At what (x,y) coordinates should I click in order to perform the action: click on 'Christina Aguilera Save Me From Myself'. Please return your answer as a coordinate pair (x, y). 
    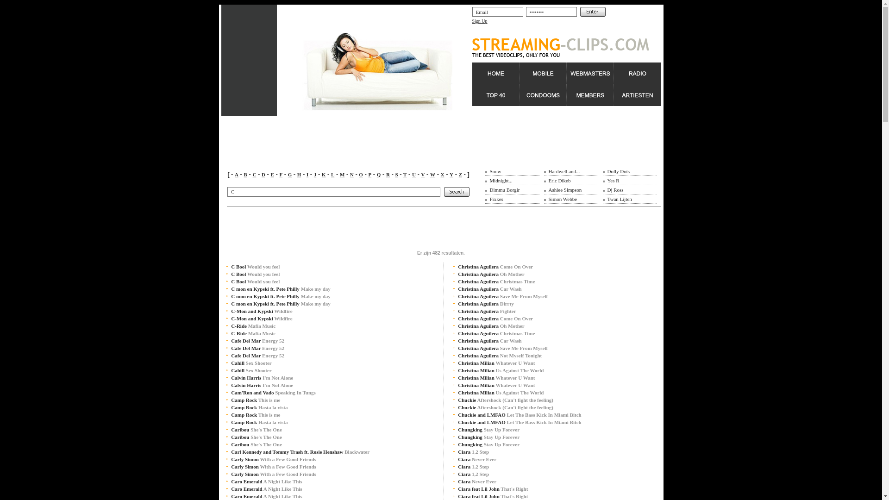
    Looking at the image, I should click on (502, 296).